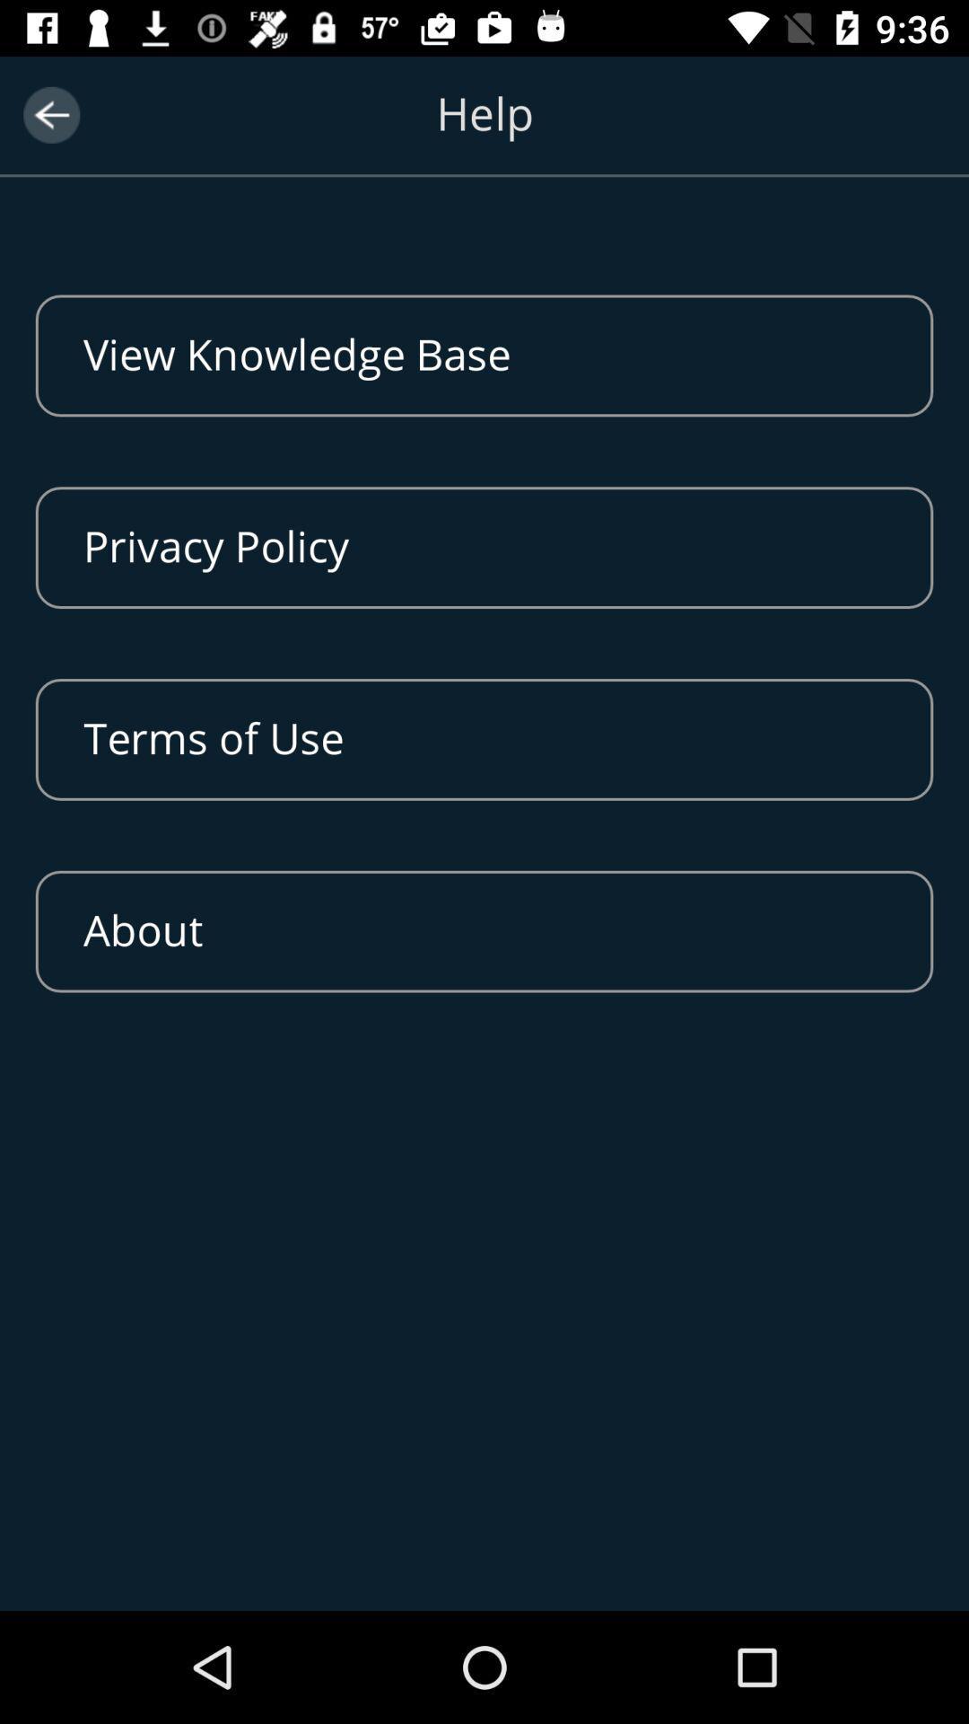  Describe the element at coordinates (50, 114) in the screenshot. I see `the arrow_backward icon` at that location.